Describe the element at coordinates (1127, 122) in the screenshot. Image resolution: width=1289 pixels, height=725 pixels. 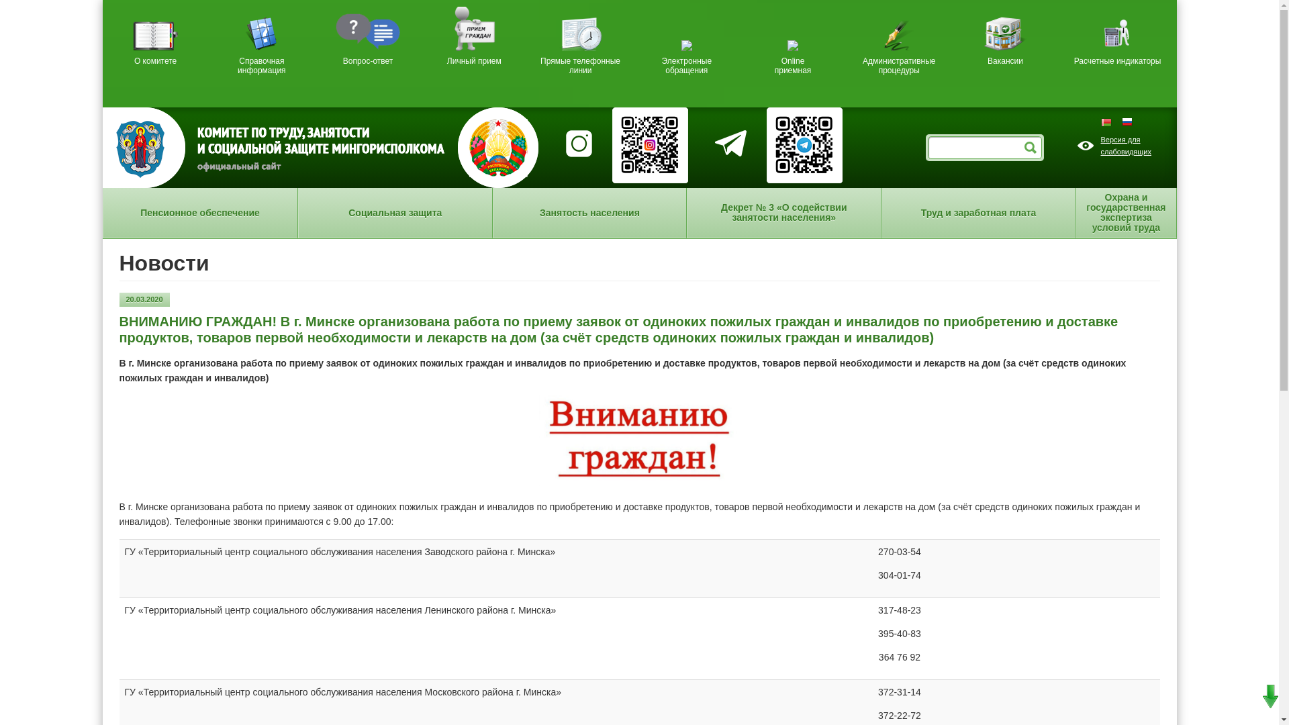
I see `'Russian'` at that location.